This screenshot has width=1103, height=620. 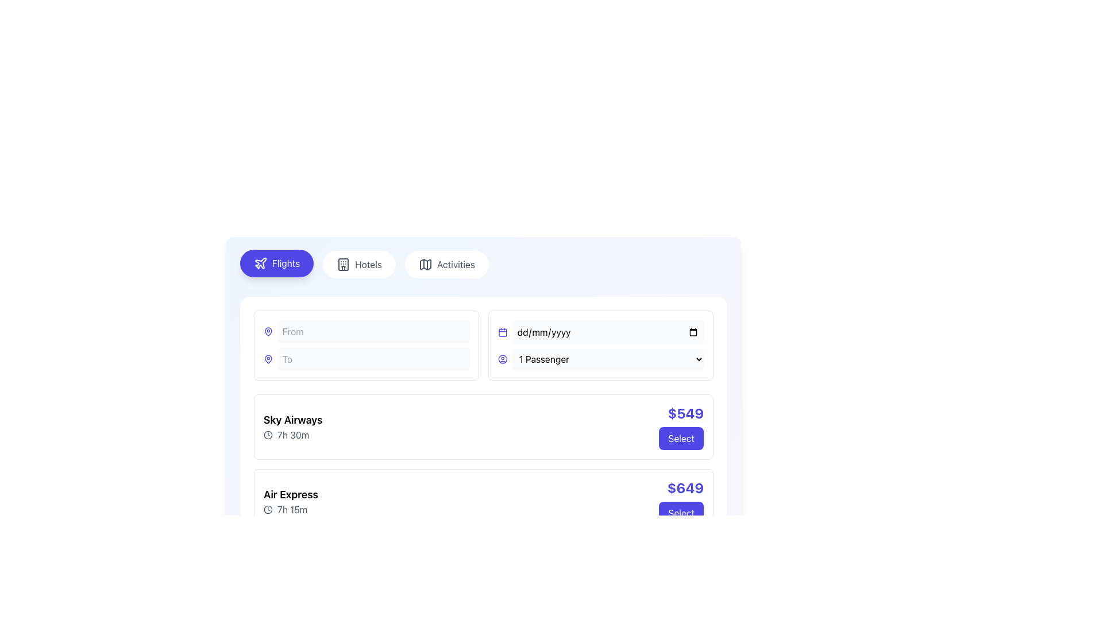 What do you see at coordinates (502, 356) in the screenshot?
I see `the 'Activities' icon in the navigation bar` at bounding box center [502, 356].